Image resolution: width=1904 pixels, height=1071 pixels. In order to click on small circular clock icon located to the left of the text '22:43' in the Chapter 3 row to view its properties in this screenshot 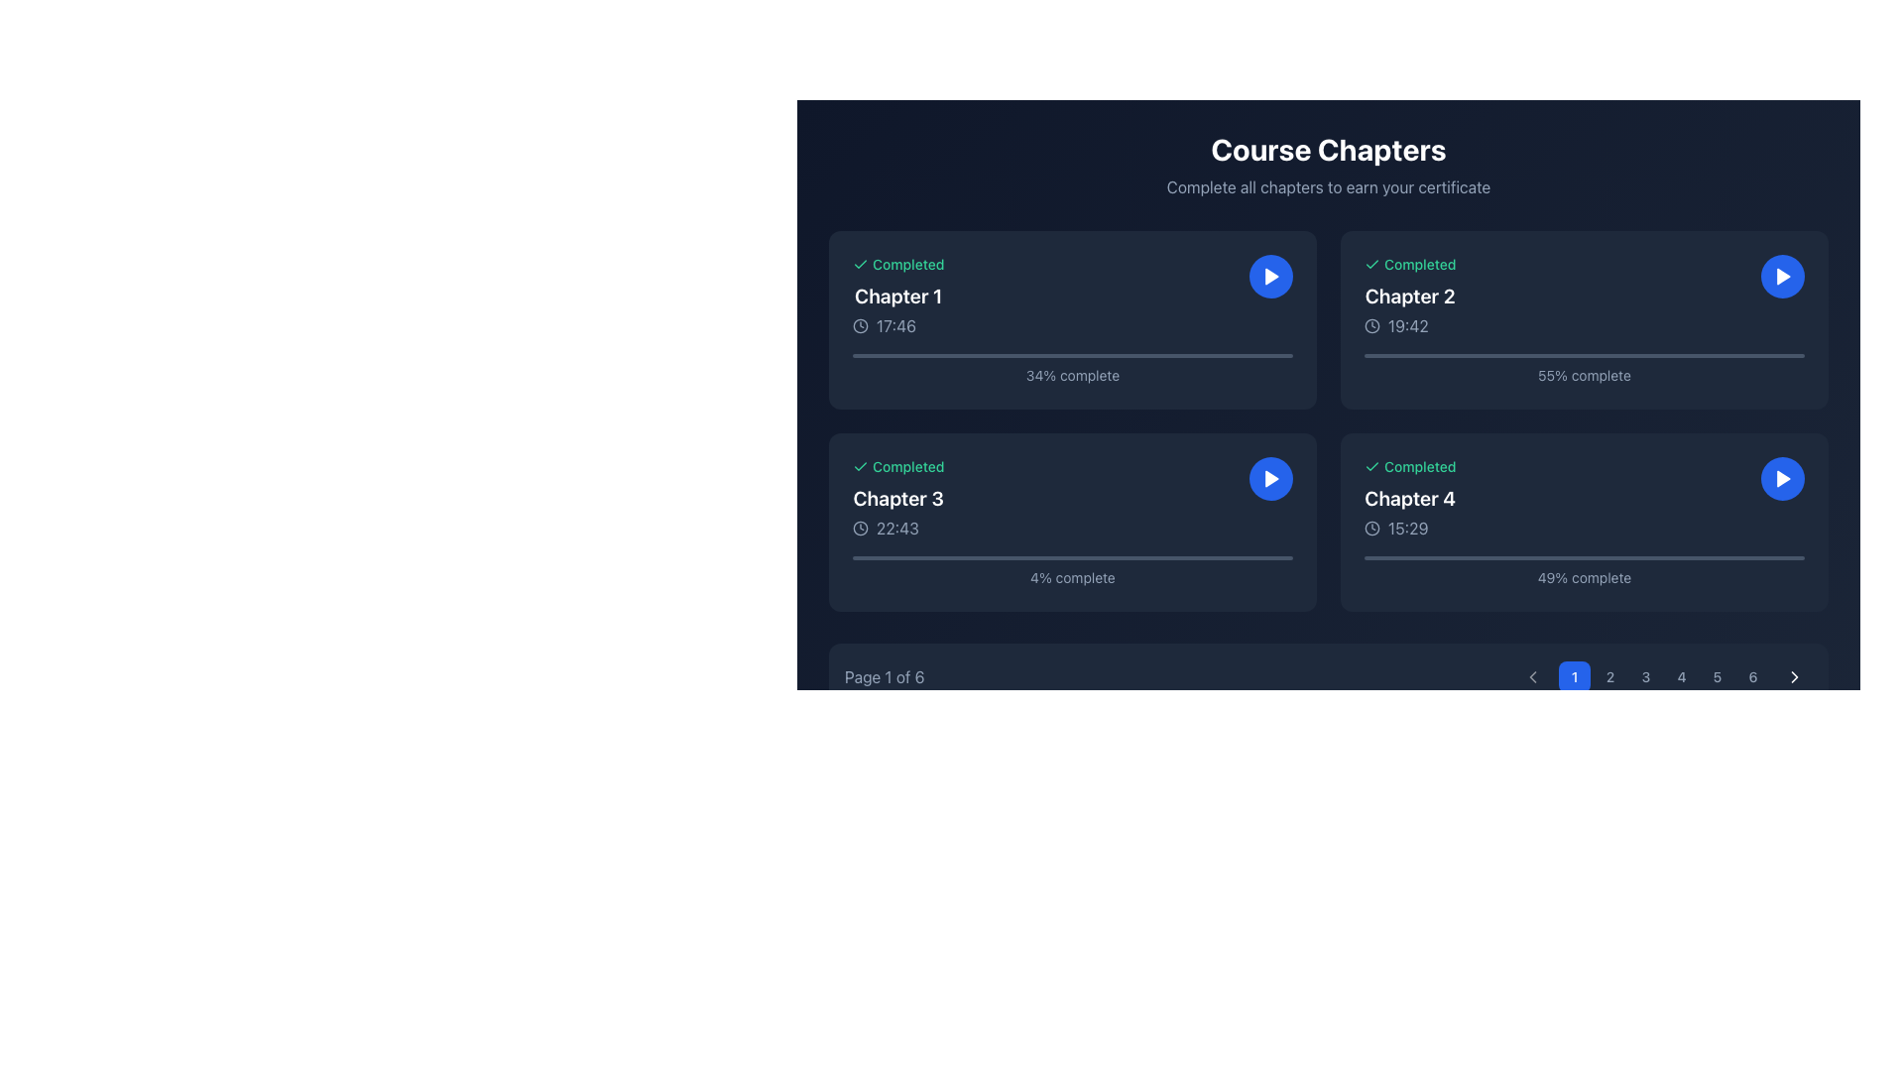, I will do `click(861, 527)`.